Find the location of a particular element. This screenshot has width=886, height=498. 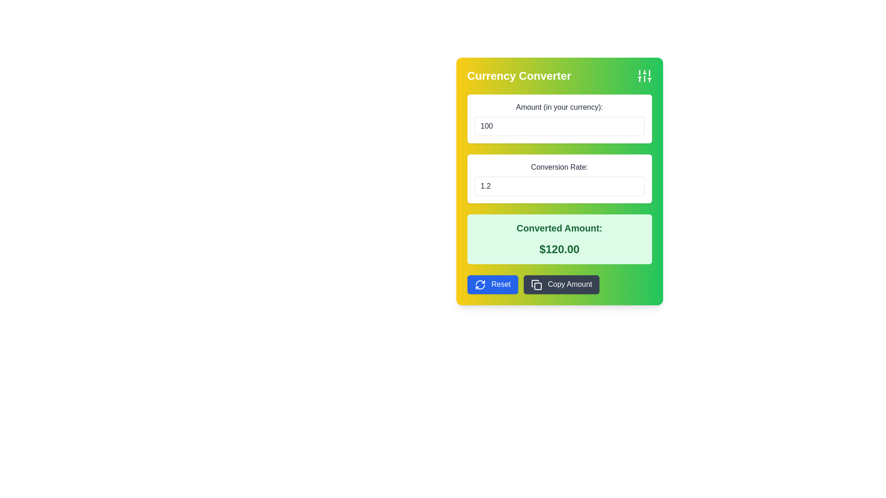

the input box displaying '1.2' for the conversion rate is located at coordinates (559, 179).